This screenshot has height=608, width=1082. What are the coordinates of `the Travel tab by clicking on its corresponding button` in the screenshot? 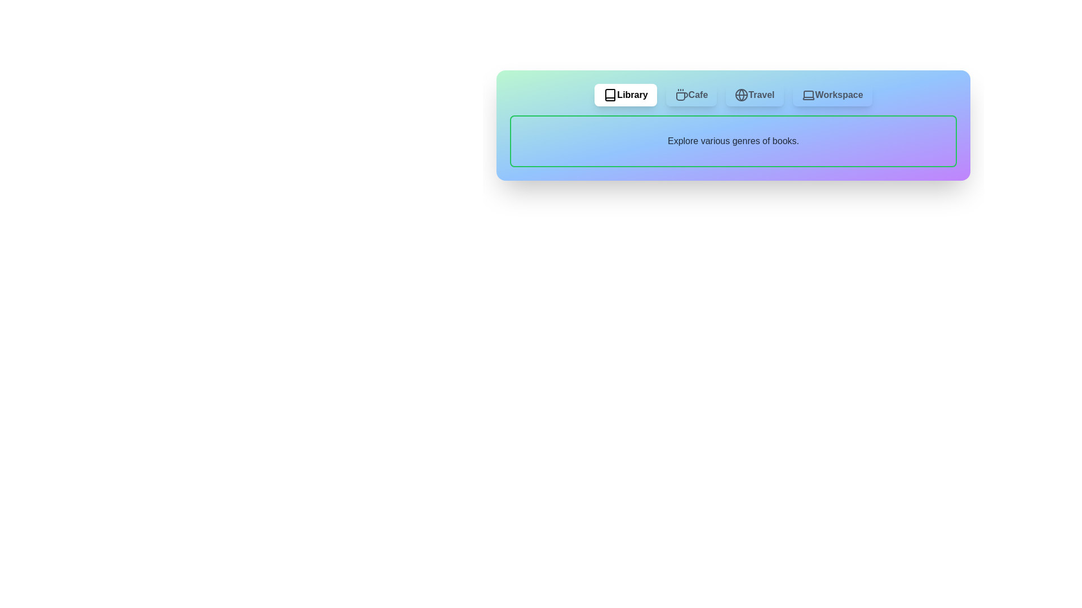 It's located at (755, 95).